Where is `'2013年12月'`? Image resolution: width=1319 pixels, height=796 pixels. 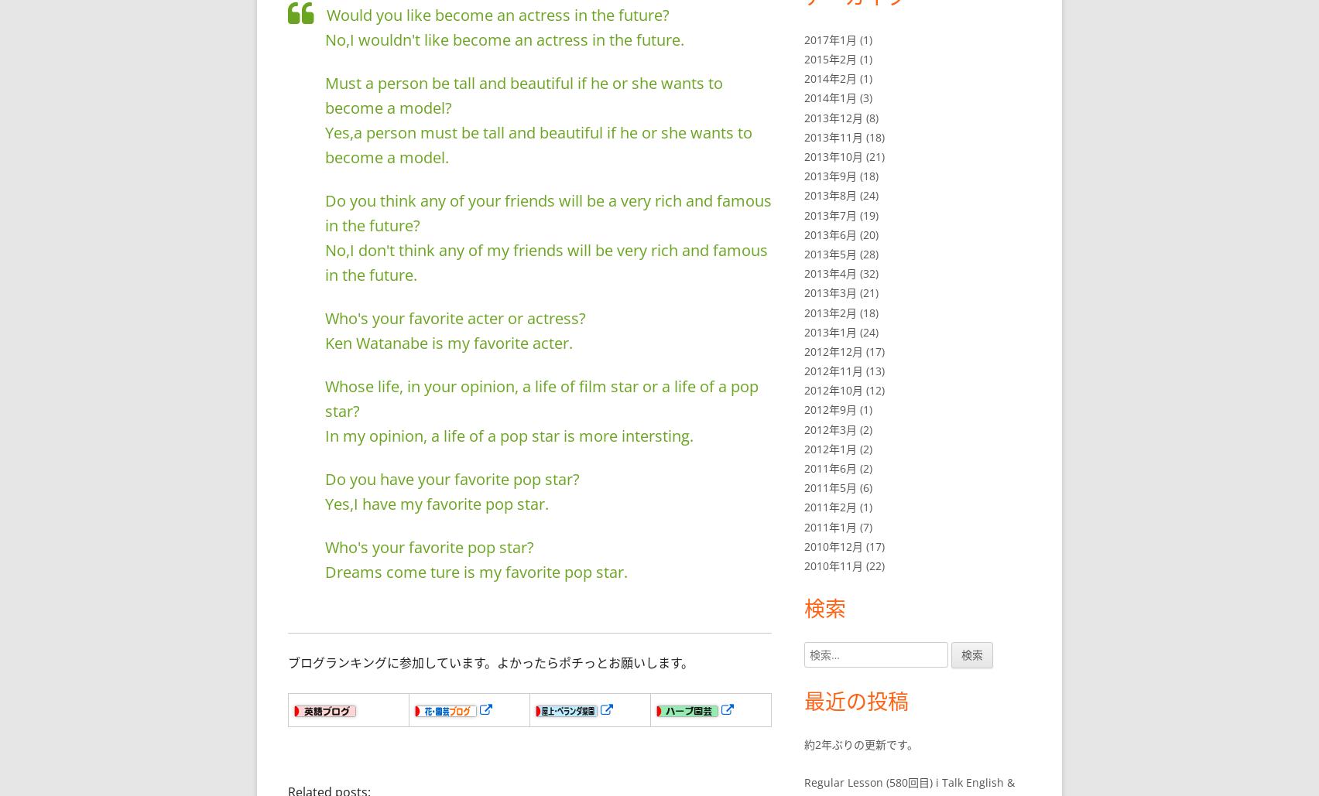 '2013年12月' is located at coordinates (832, 117).